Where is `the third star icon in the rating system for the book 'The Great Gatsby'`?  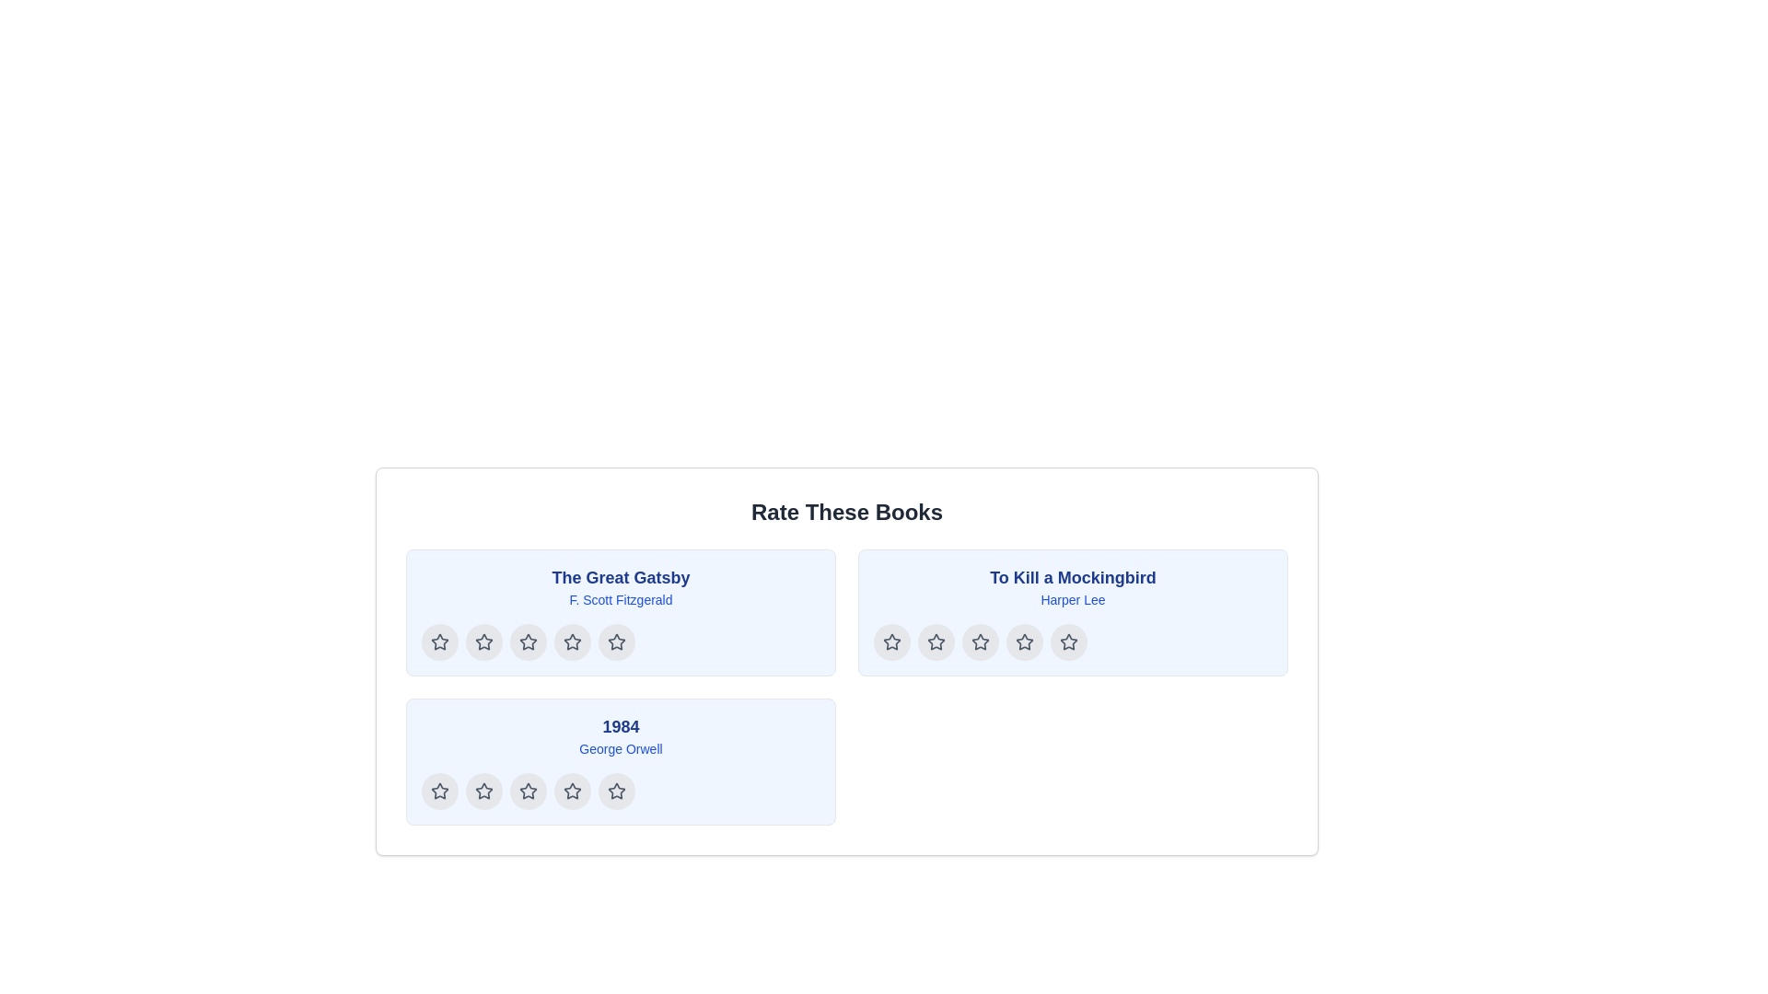
the third star icon in the rating system for the book 'The Great Gatsby' is located at coordinates (572, 641).